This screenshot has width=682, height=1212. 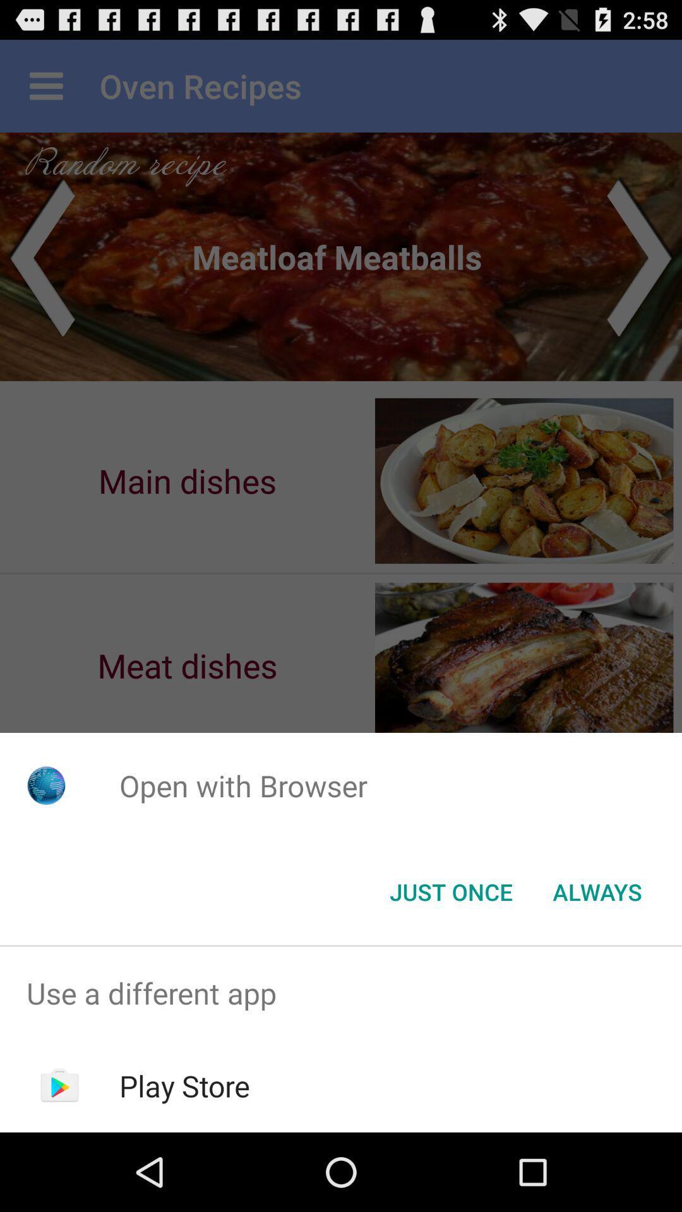 I want to click on the just once button, so click(x=450, y=891).